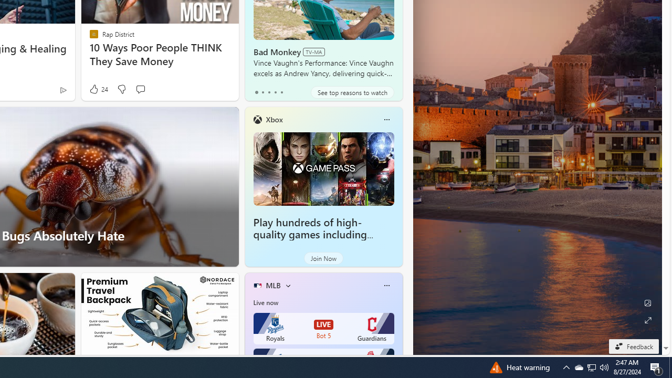 This screenshot has width=672, height=378. I want to click on 'Start the conversation', so click(140, 89).